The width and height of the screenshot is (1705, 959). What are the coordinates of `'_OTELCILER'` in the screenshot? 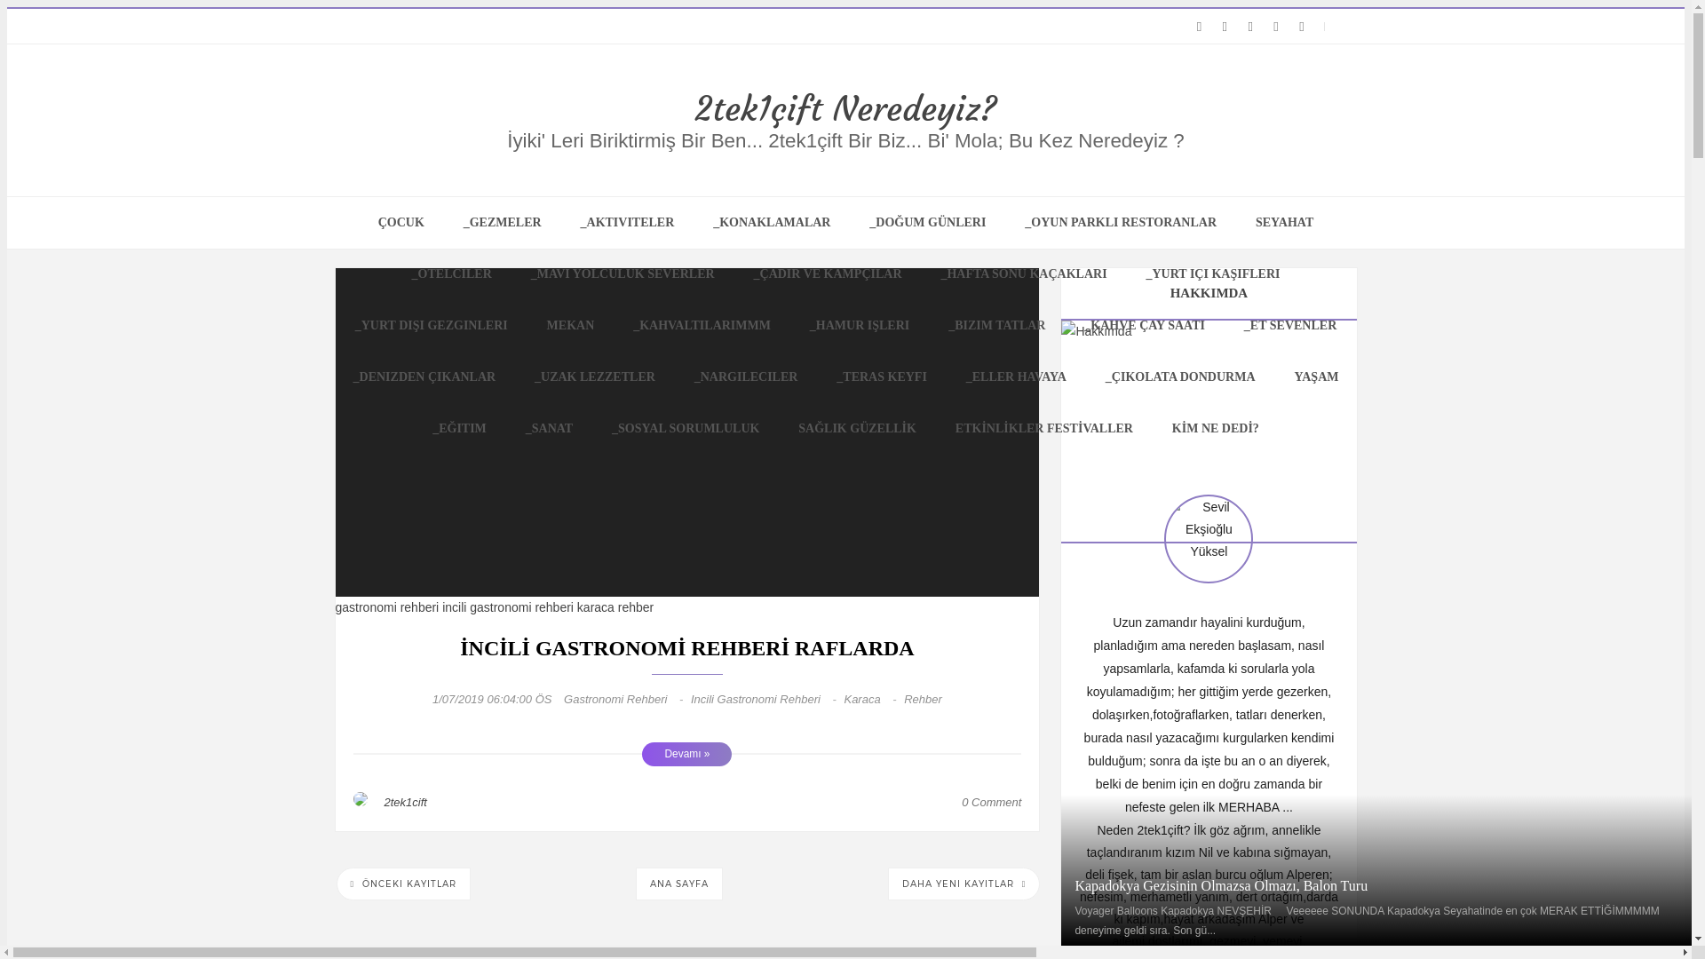 It's located at (451, 273).